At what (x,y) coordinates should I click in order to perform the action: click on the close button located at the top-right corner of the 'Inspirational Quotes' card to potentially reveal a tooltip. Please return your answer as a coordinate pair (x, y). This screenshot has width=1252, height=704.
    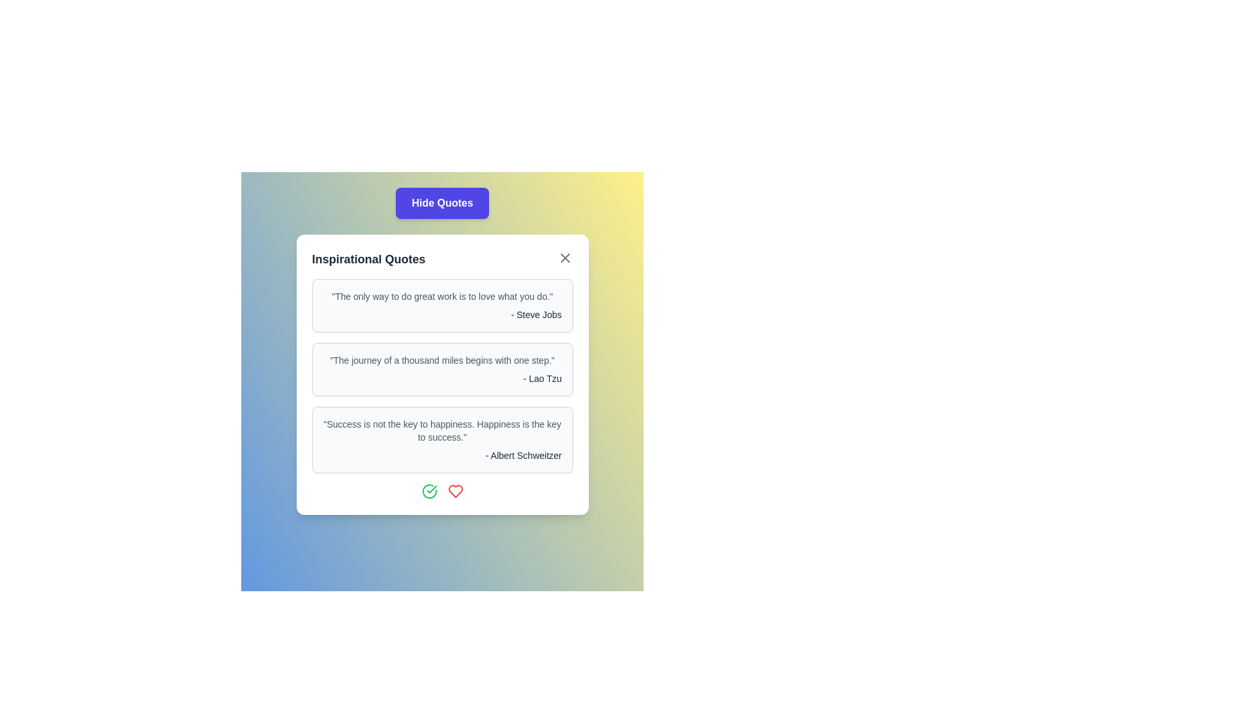
    Looking at the image, I should click on (565, 258).